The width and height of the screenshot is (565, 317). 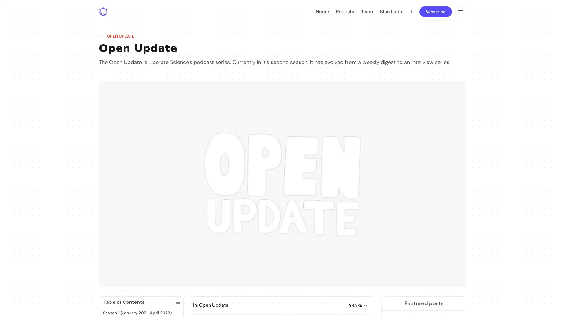 What do you see at coordinates (460, 11) in the screenshot?
I see `Menu` at bounding box center [460, 11].